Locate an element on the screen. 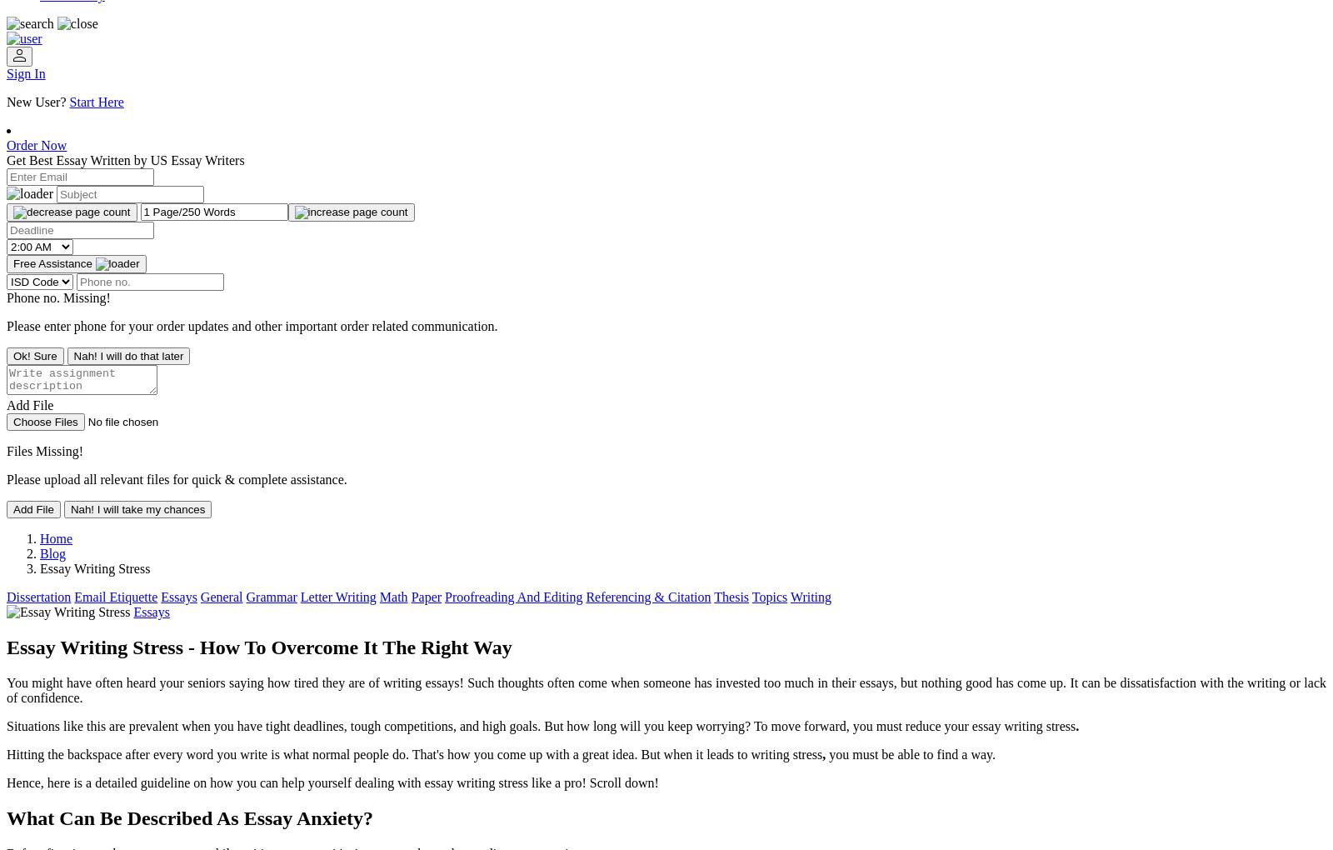 The image size is (1333, 850). 'Home' is located at coordinates (55, 538).